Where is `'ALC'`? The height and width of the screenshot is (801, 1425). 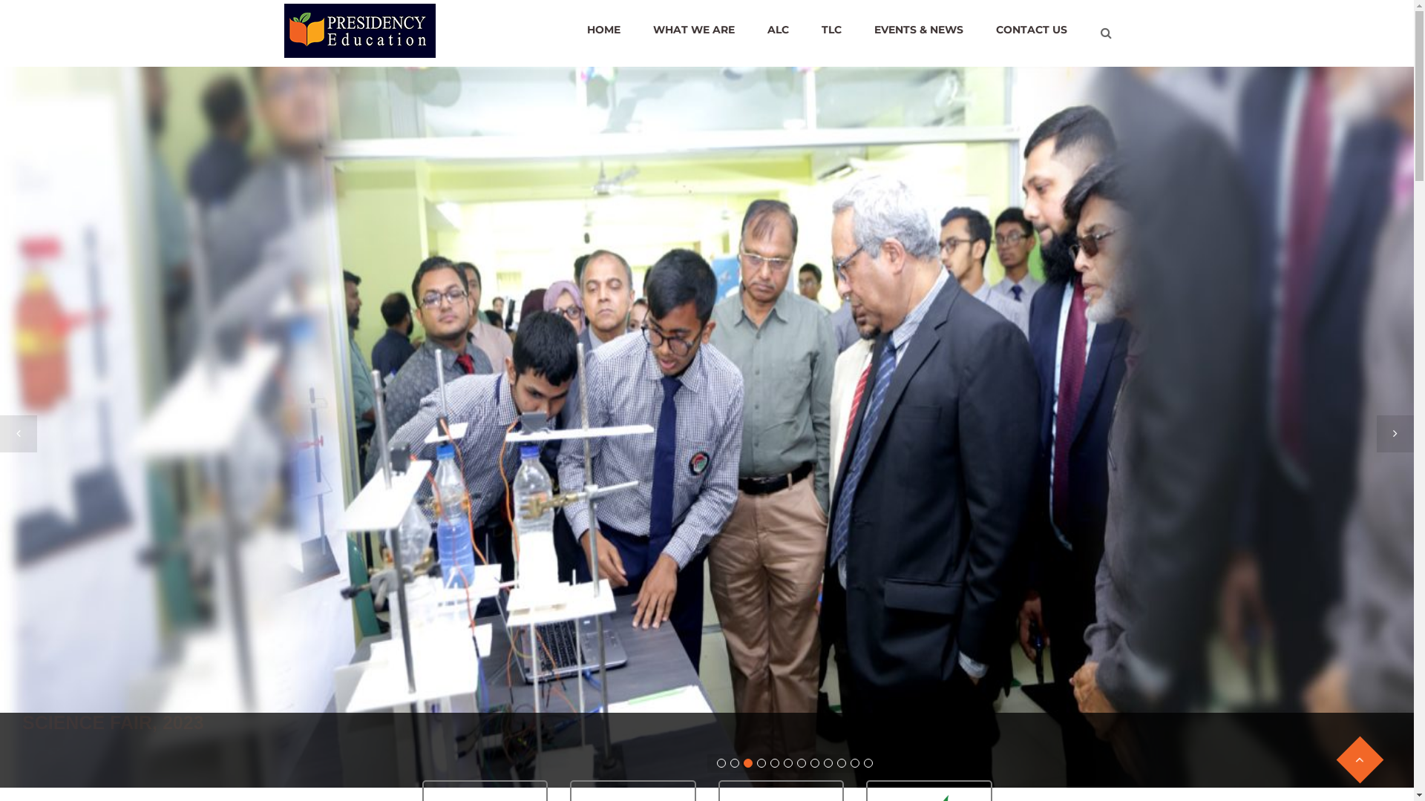 'ALC' is located at coordinates (777, 29).